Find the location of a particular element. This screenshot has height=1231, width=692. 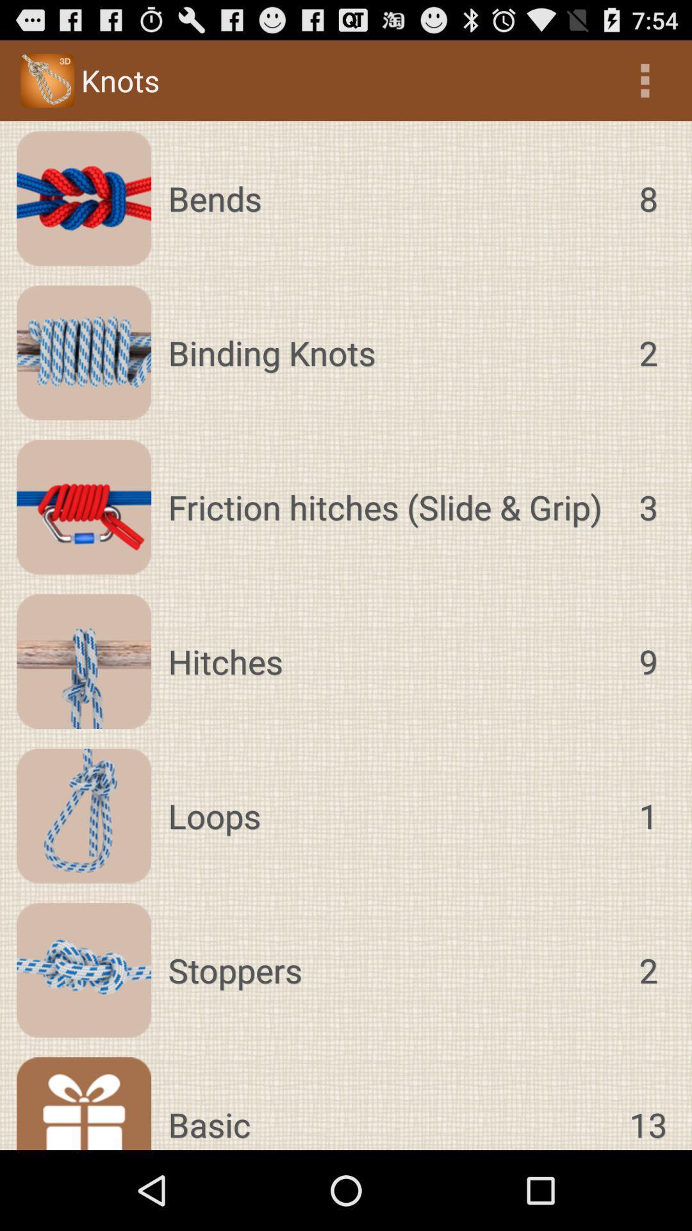

item to the right of hitches is located at coordinates (648, 662).